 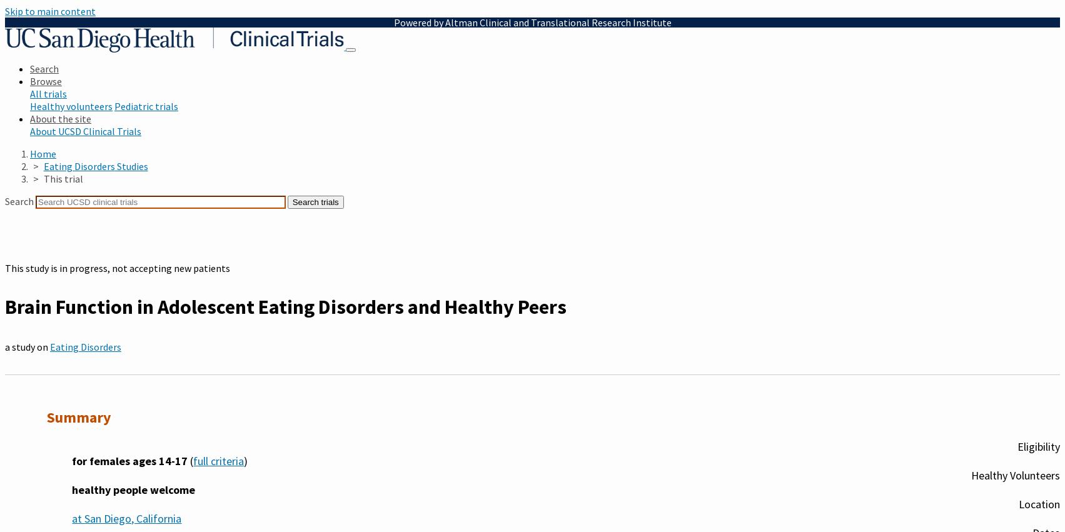 I want to click on 'Pediatric trials', so click(x=145, y=106).